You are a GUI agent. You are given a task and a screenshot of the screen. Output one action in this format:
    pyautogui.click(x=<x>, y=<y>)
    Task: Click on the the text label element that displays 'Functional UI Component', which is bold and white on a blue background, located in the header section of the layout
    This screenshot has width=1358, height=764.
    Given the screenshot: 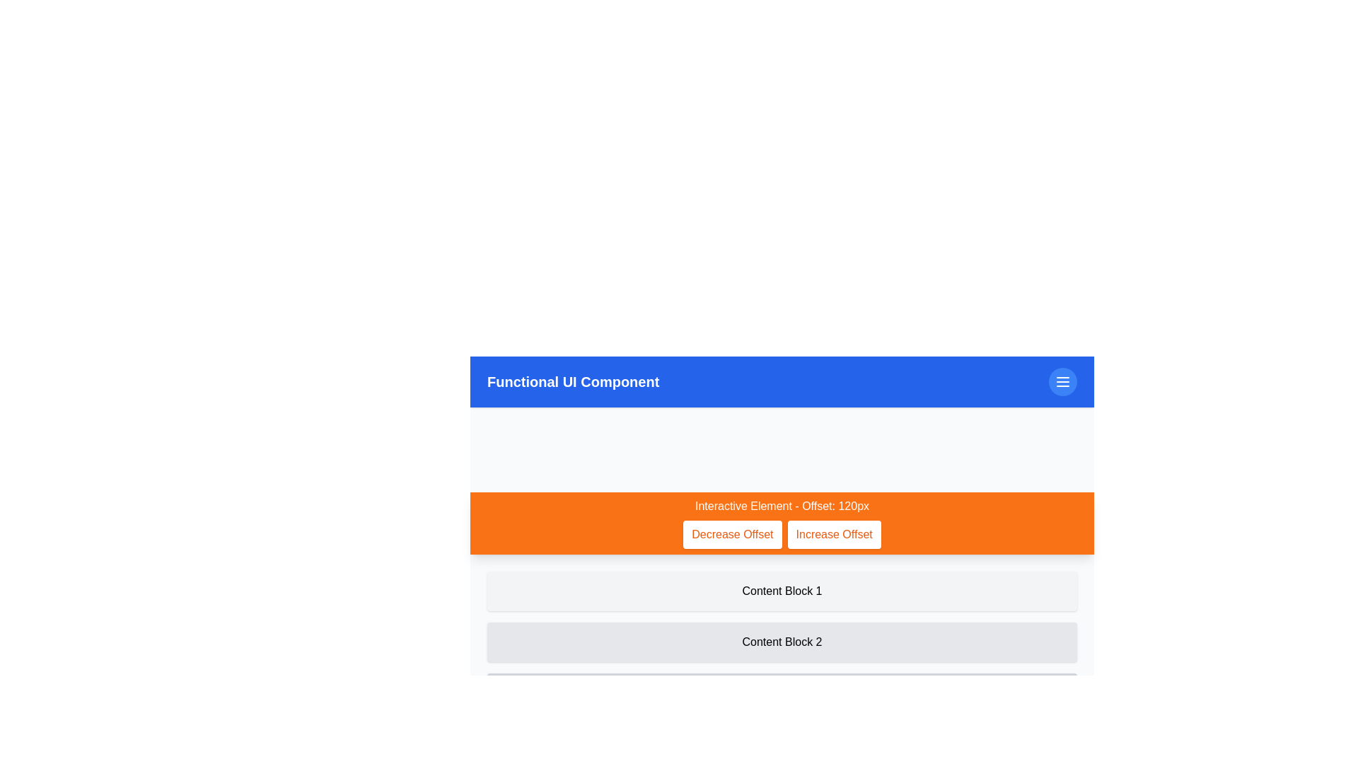 What is the action you would take?
    pyautogui.click(x=573, y=382)
    